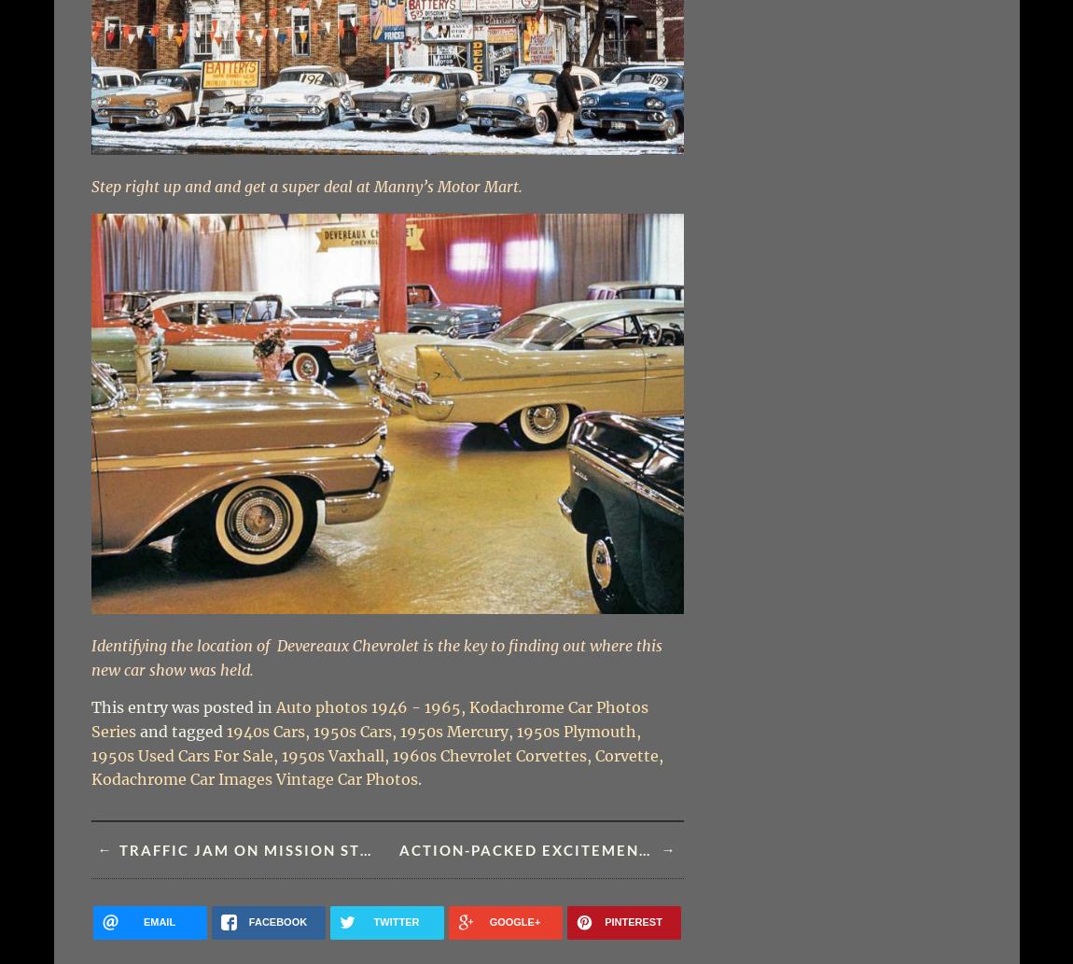  What do you see at coordinates (280, 755) in the screenshot?
I see `'1950s Vaxhall'` at bounding box center [280, 755].